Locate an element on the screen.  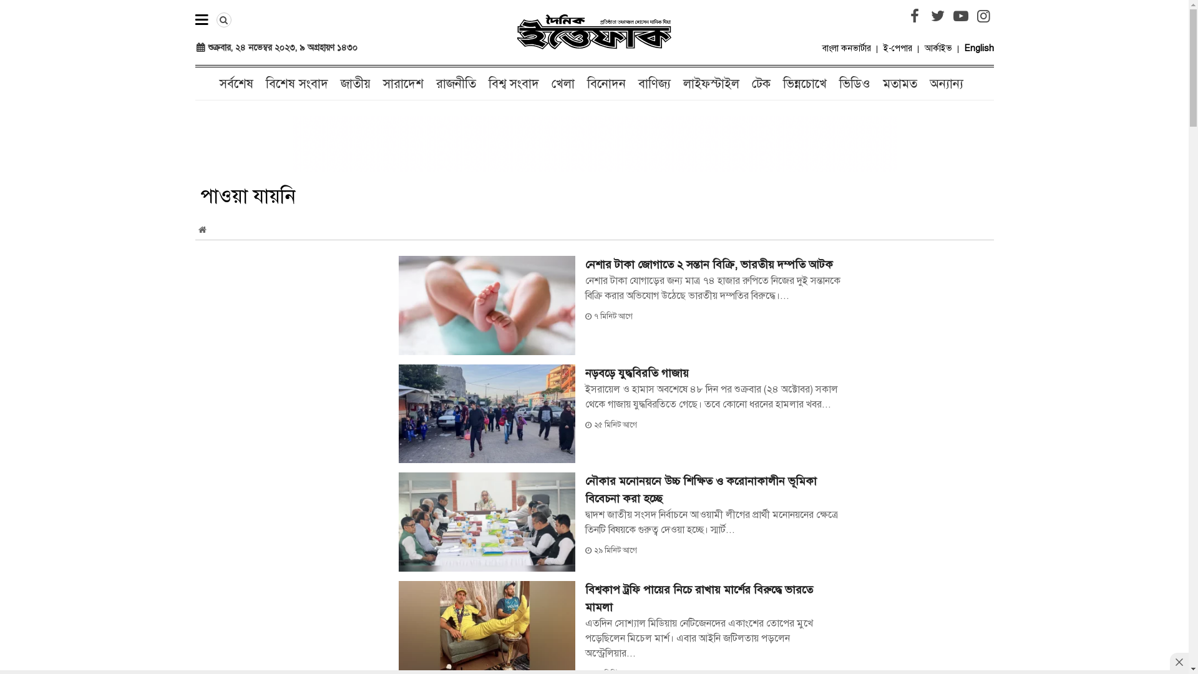
'Instagram' is located at coordinates (982, 16).